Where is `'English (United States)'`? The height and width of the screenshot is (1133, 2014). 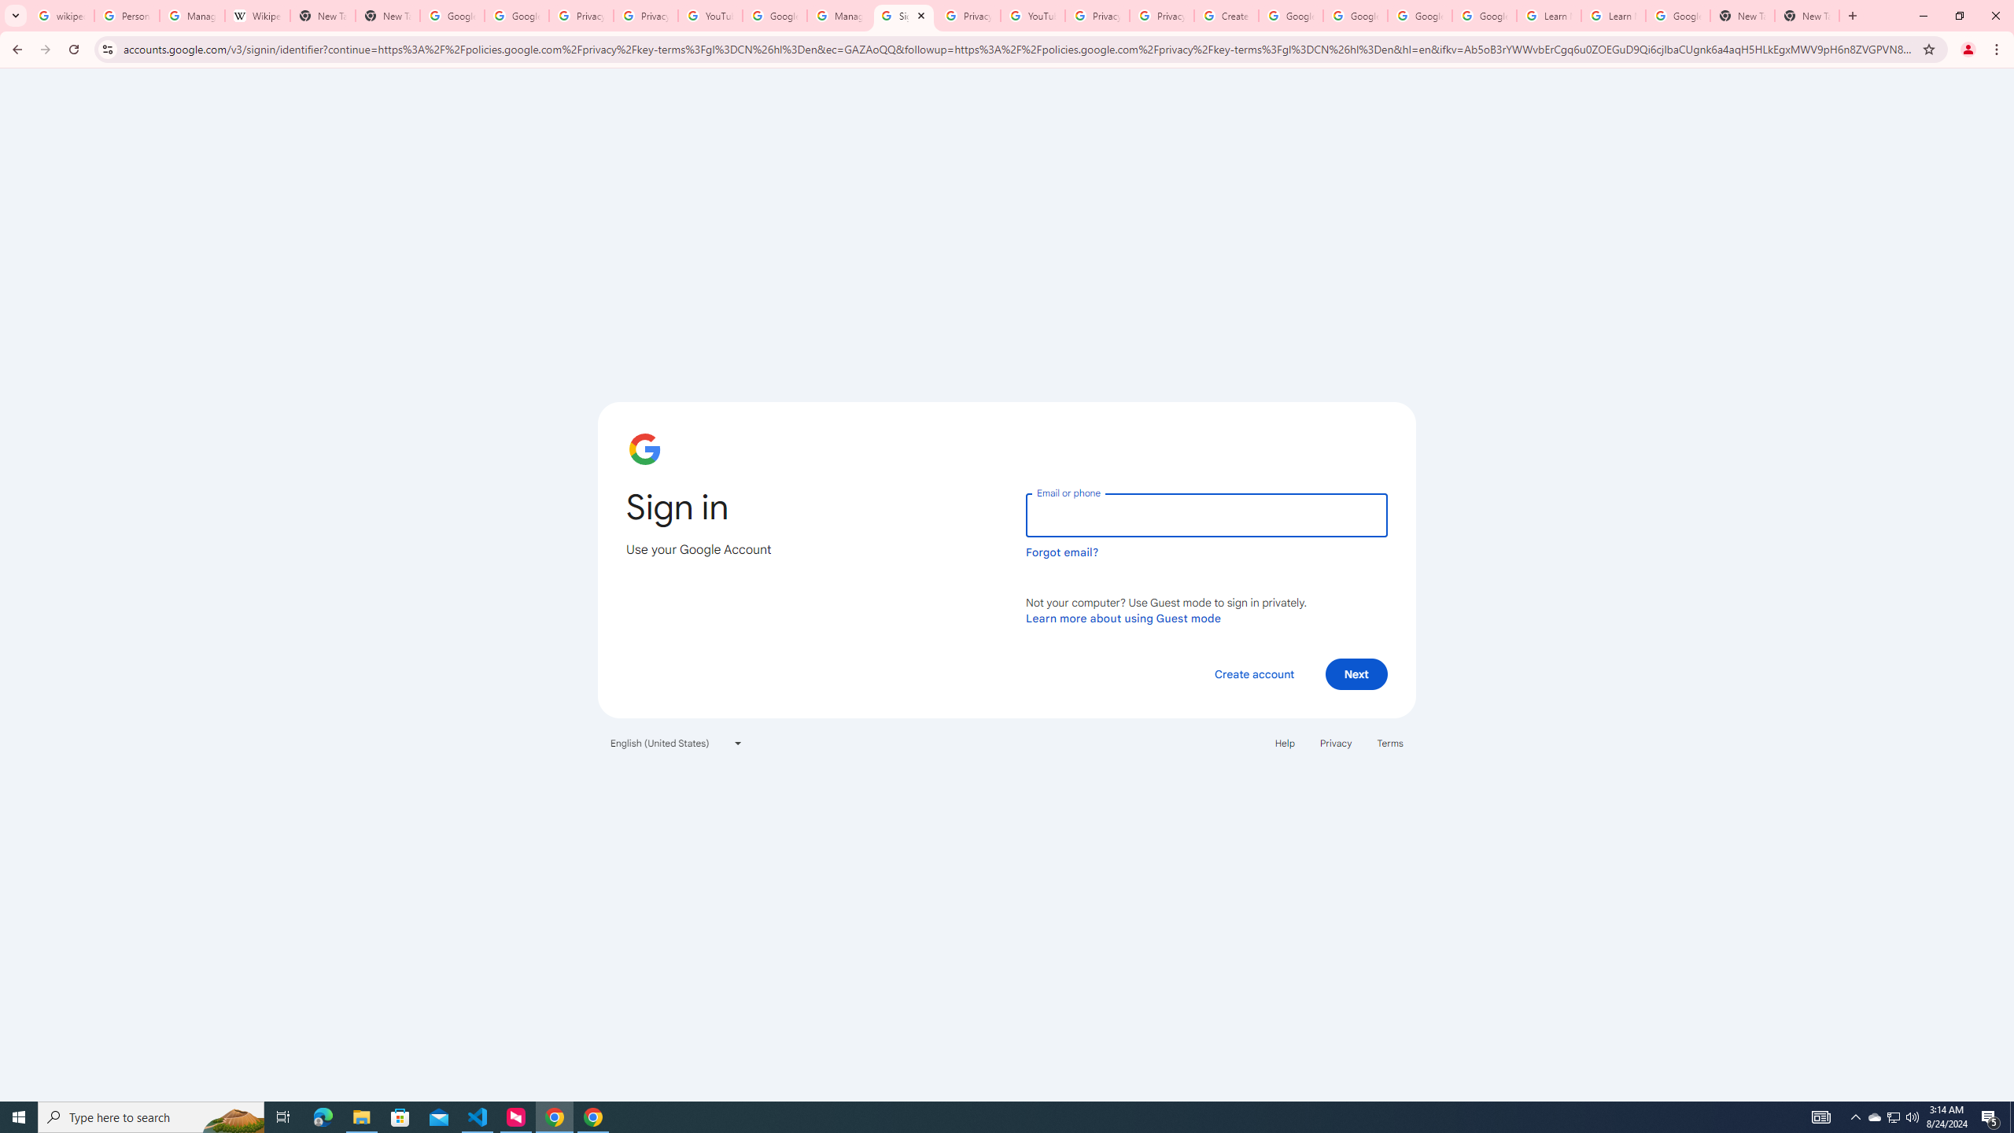 'English (United States)' is located at coordinates (677, 741).